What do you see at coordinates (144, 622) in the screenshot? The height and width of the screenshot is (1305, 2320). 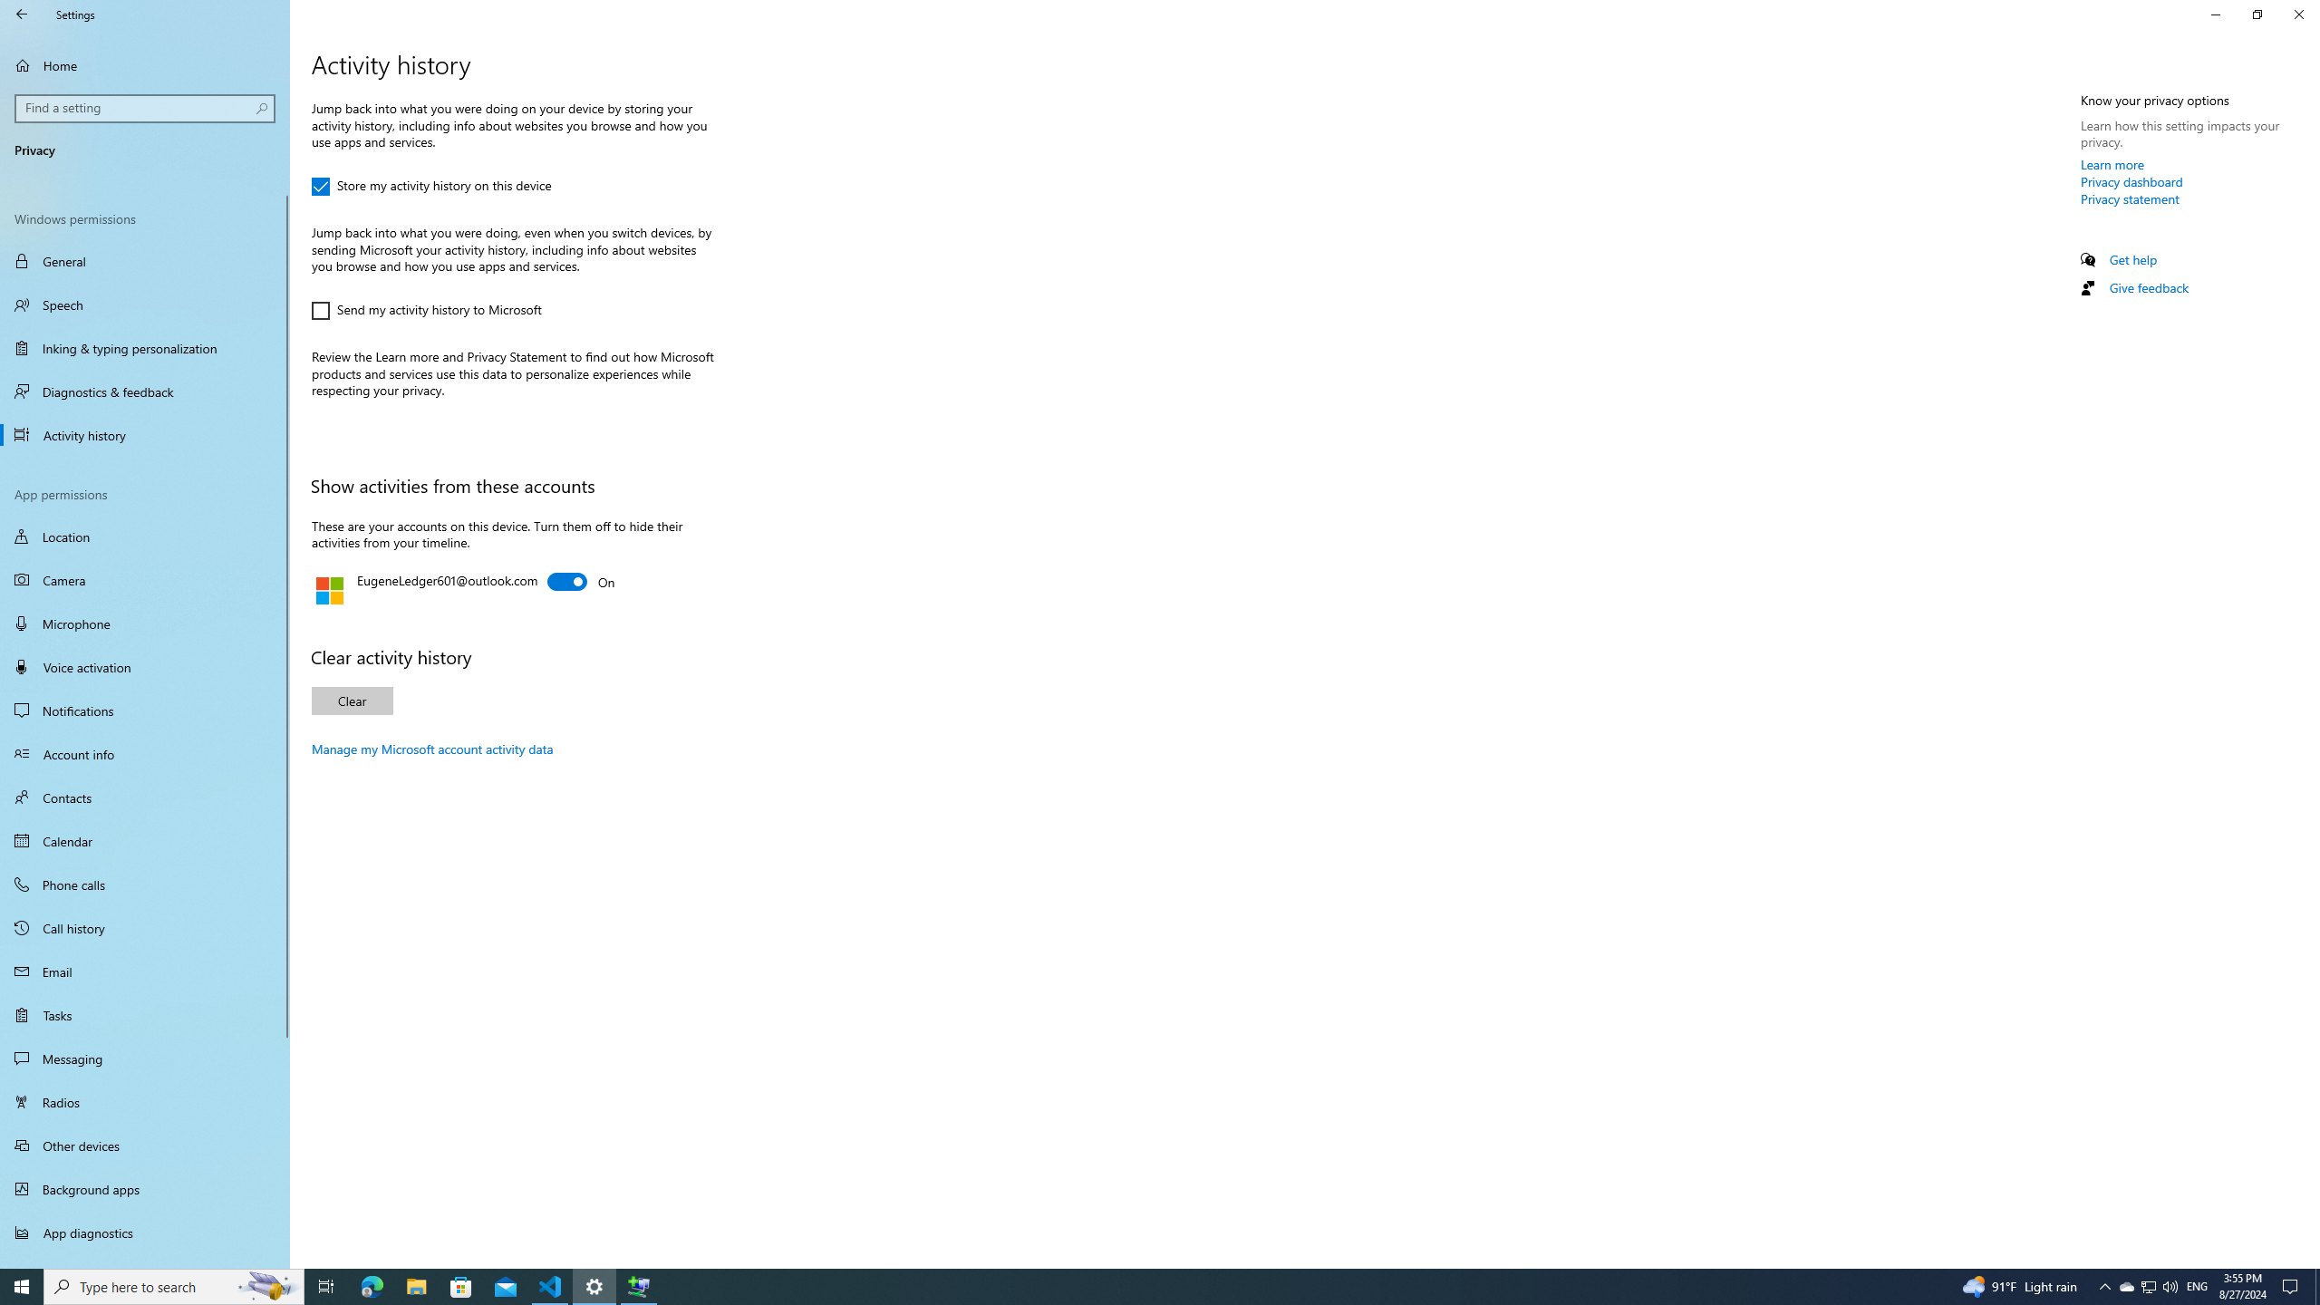 I see `'Microphone'` at bounding box center [144, 622].